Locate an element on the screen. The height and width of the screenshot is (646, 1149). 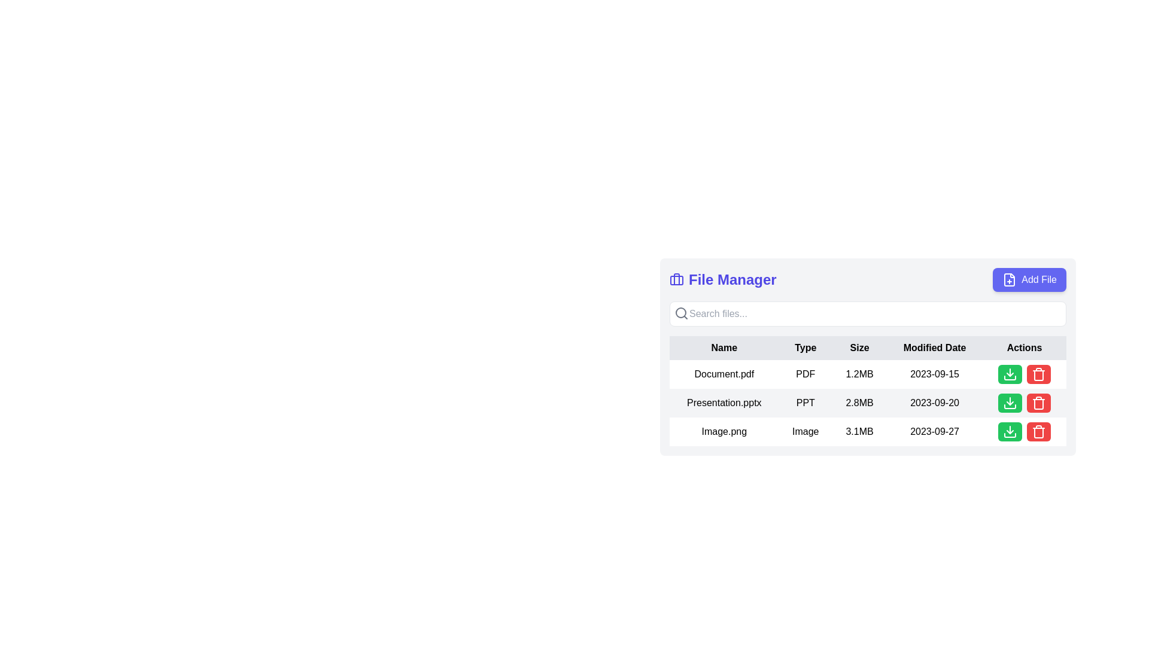
the text label displaying 'Image.png' located is located at coordinates (723, 431).